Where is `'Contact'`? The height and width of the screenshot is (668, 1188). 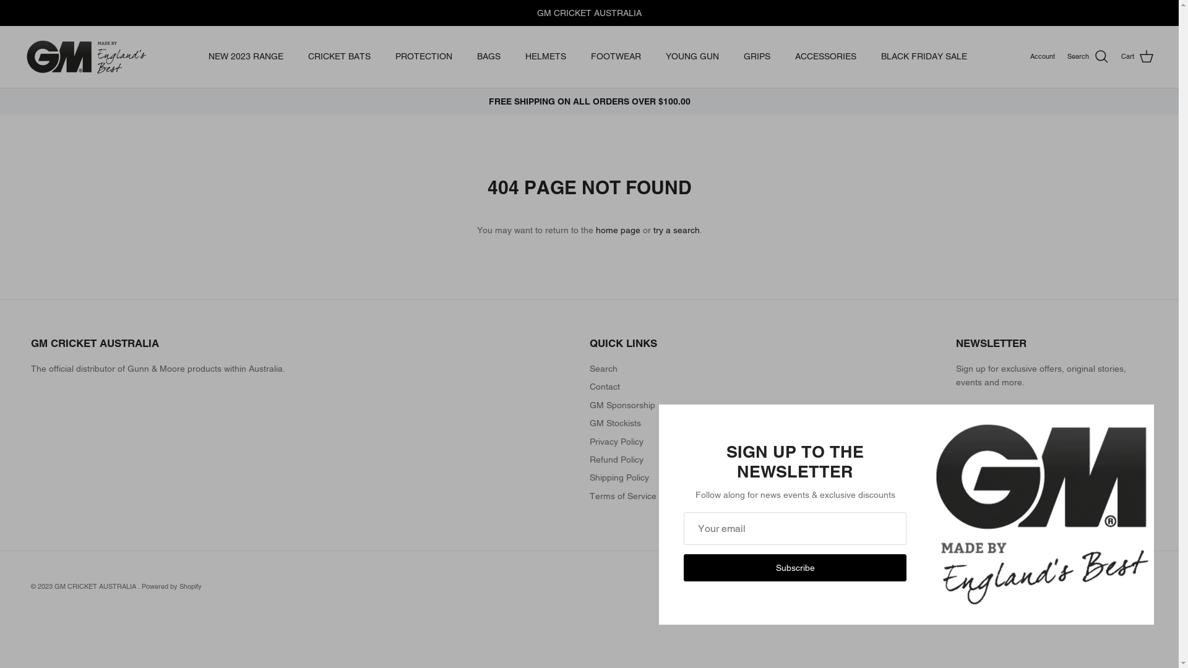
'Contact' is located at coordinates (605, 385).